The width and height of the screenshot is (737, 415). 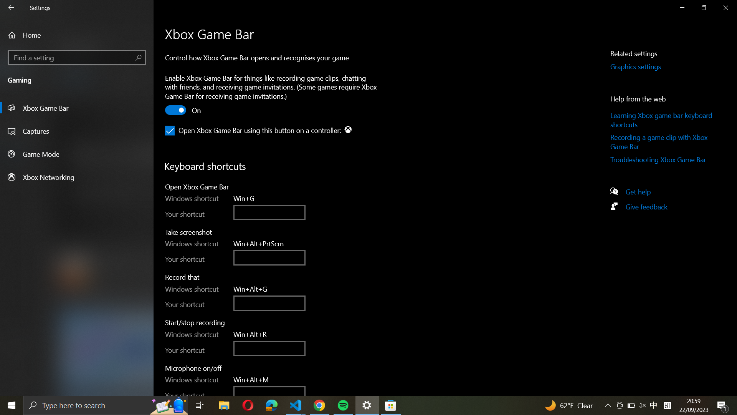 I want to click on the page for resolving issues with Xbox Game Bar, so click(x=663, y=161).